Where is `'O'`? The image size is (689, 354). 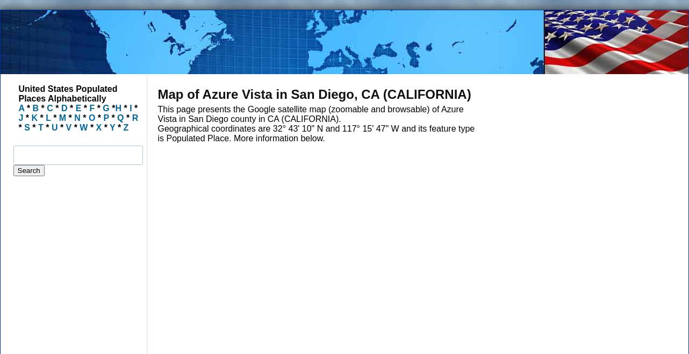 'O' is located at coordinates (91, 118).